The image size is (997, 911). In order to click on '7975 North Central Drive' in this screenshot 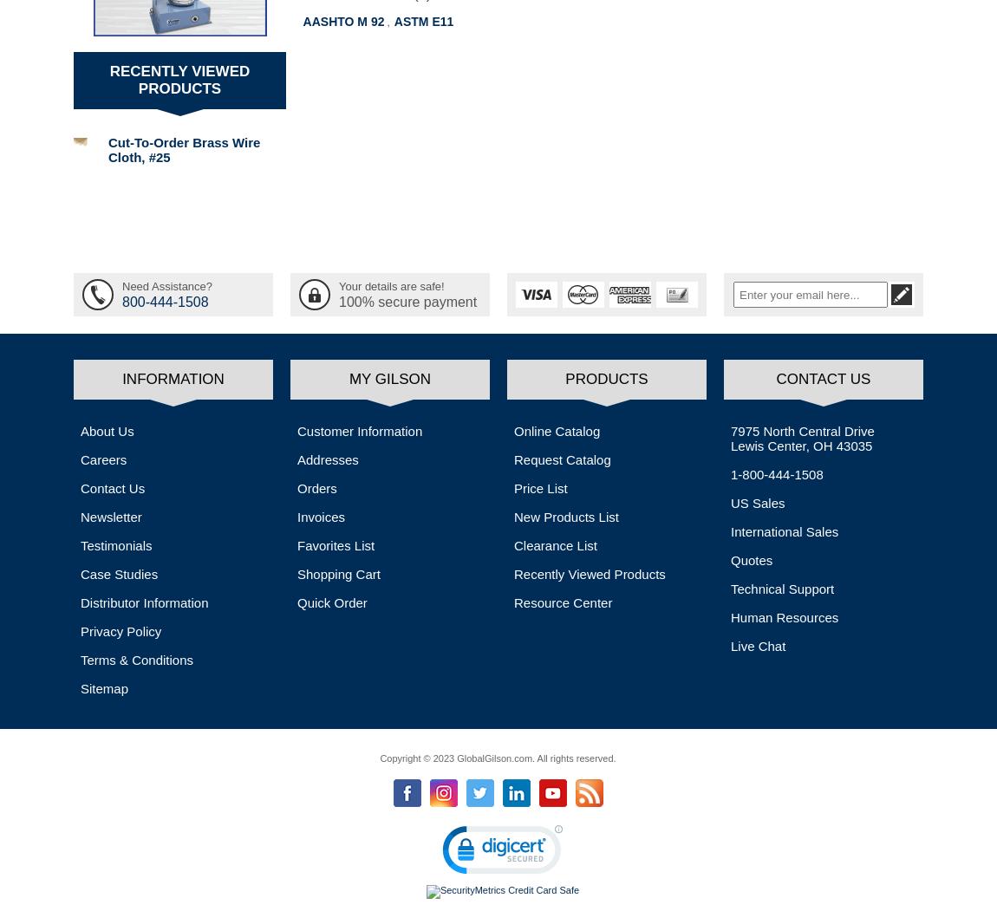, I will do `click(802, 431)`.